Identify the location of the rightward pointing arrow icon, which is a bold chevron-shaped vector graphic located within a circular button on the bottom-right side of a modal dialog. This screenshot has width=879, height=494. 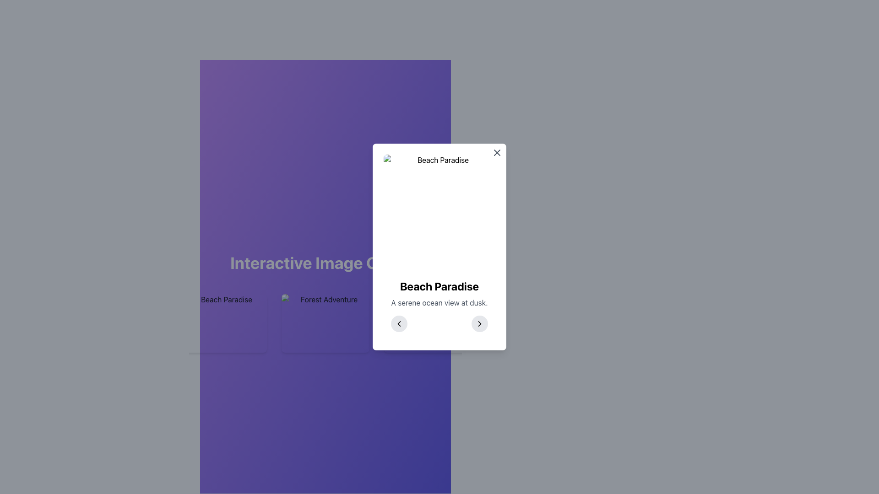
(479, 323).